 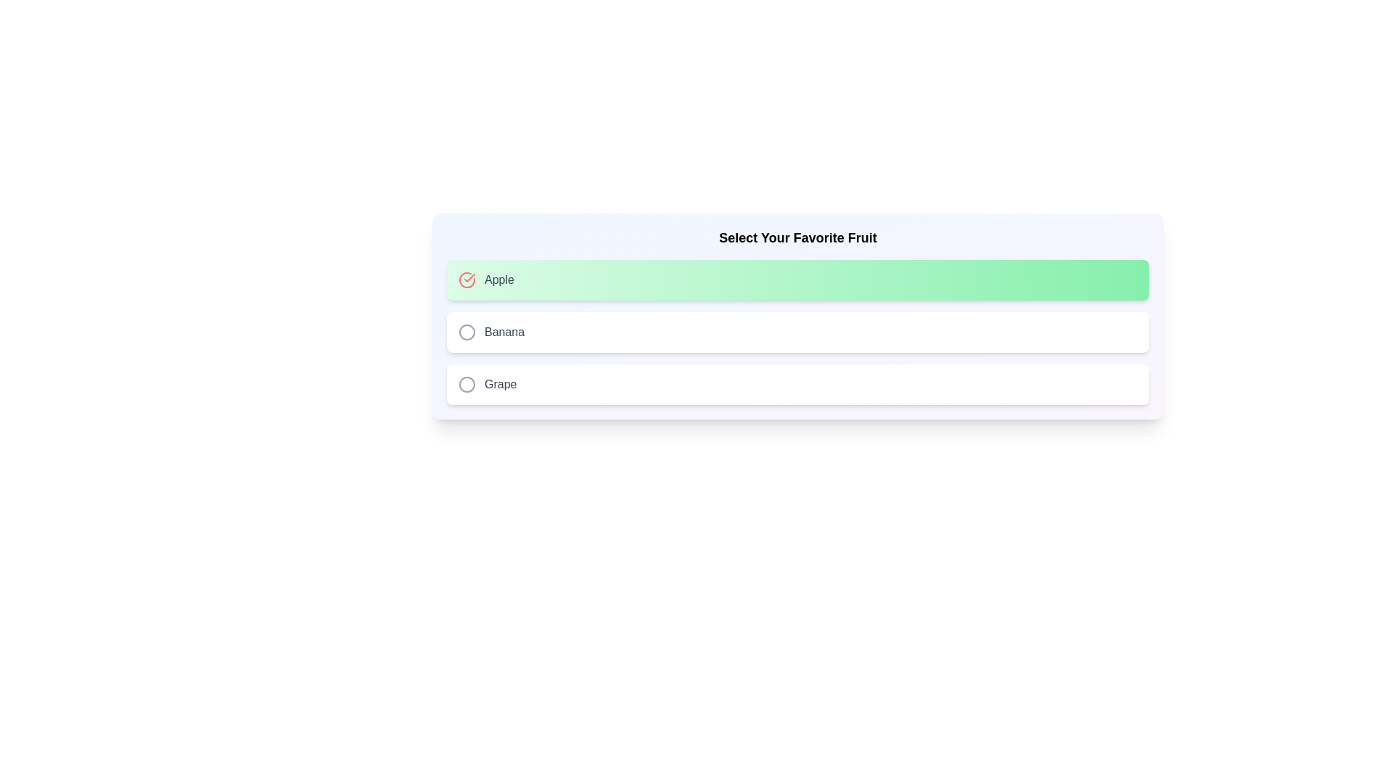 I want to click on the 'Grape' selectable option with a radio button for accessibility navigation, so click(x=797, y=383).